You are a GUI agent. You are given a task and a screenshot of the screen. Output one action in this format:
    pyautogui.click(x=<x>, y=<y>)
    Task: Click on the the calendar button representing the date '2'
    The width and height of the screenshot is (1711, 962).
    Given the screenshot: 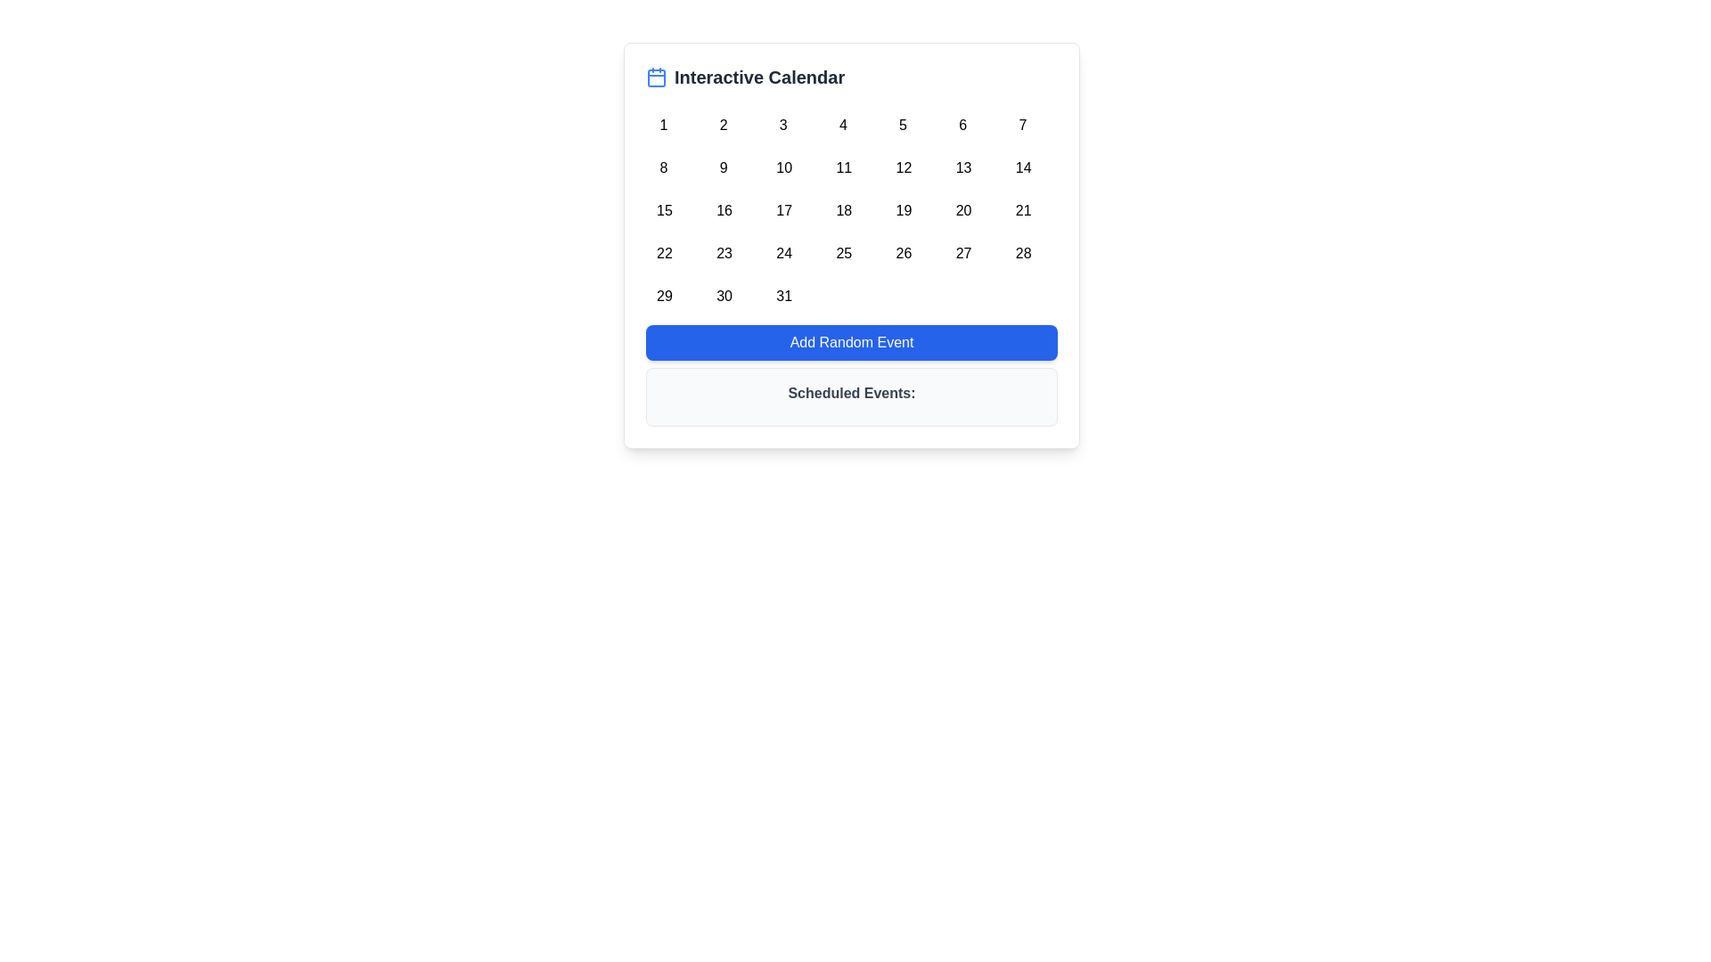 What is the action you would take?
    pyautogui.click(x=724, y=121)
    